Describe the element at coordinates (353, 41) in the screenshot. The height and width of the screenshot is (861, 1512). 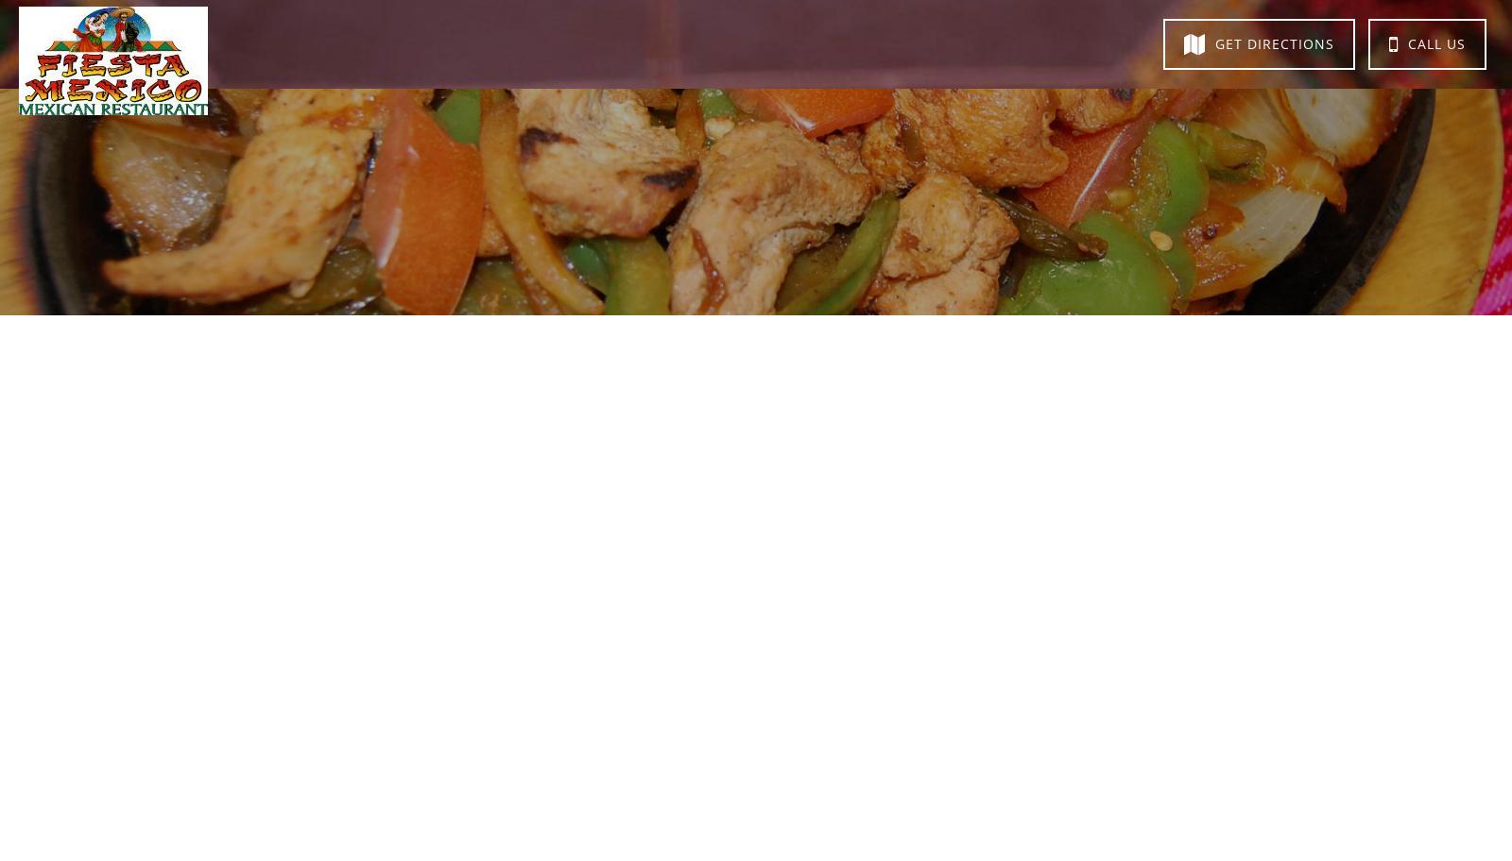
I see `'About Us'` at that location.